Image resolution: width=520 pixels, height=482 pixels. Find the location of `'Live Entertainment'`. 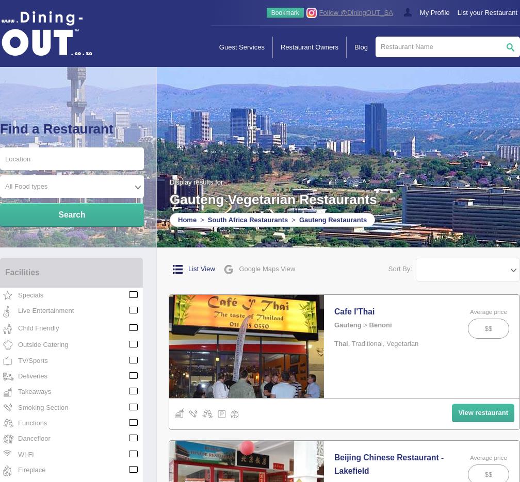

'Live Entertainment' is located at coordinates (46, 310).